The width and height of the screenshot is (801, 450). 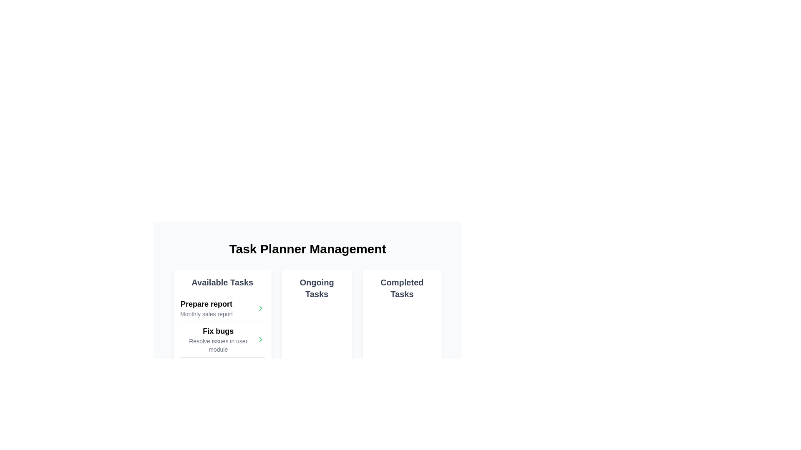 I want to click on the second list item representing the task 'Fix bugs', so click(x=222, y=339).